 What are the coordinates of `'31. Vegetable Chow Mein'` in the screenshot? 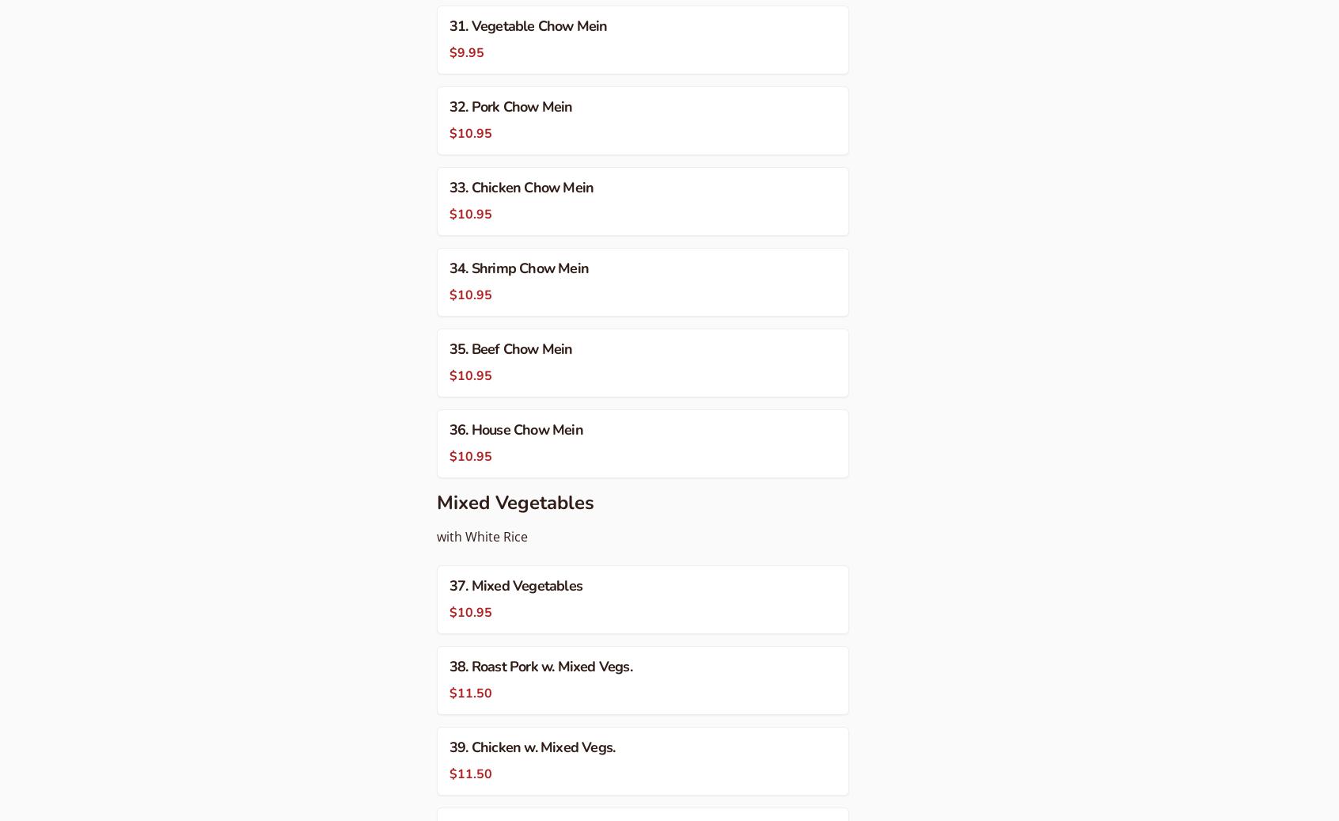 It's located at (449, 25).